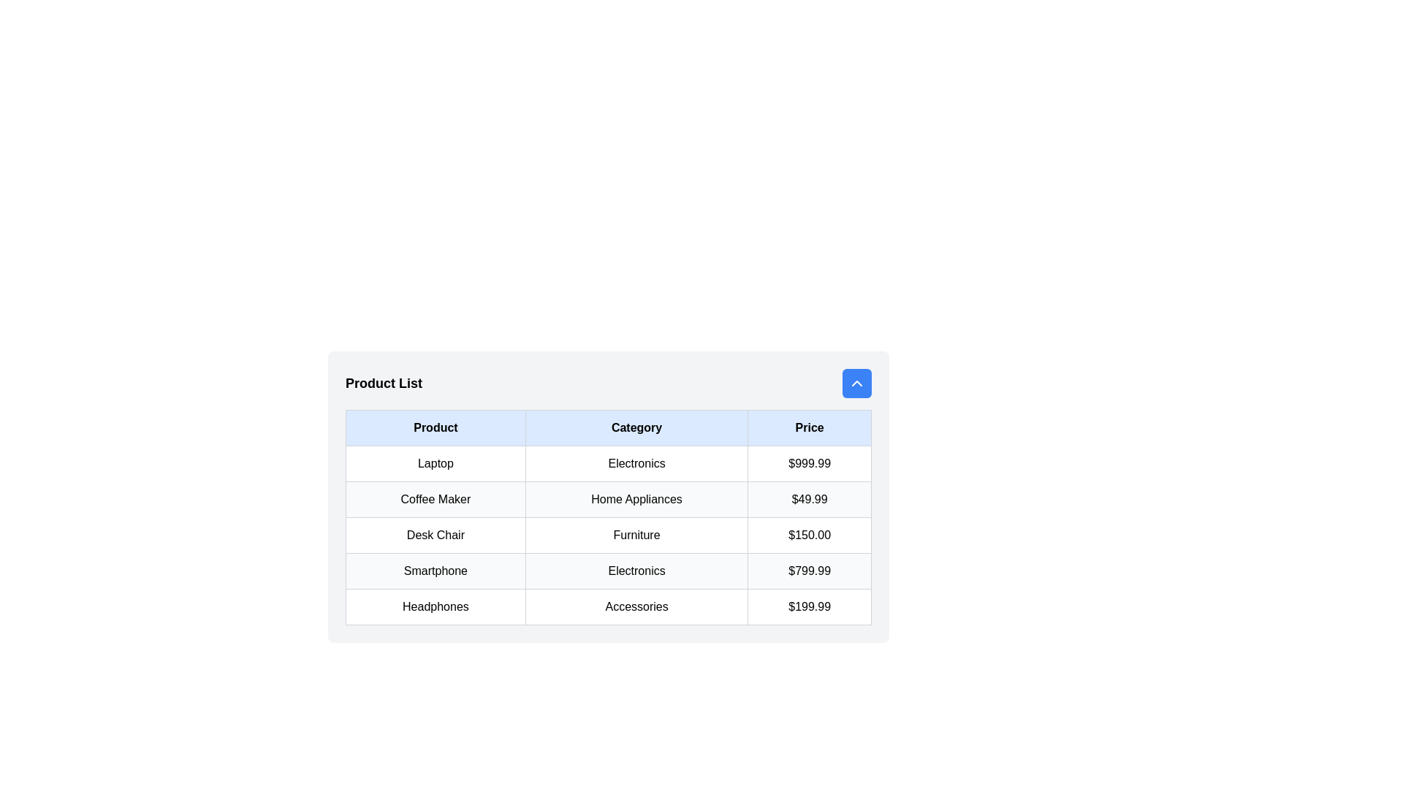 This screenshot has height=789, width=1403. What do you see at coordinates (636, 571) in the screenshot?
I see `the non-interactive table cell containing the text 'Electronics' in the 'Category' column of the row listing 'Smartphone'` at bounding box center [636, 571].